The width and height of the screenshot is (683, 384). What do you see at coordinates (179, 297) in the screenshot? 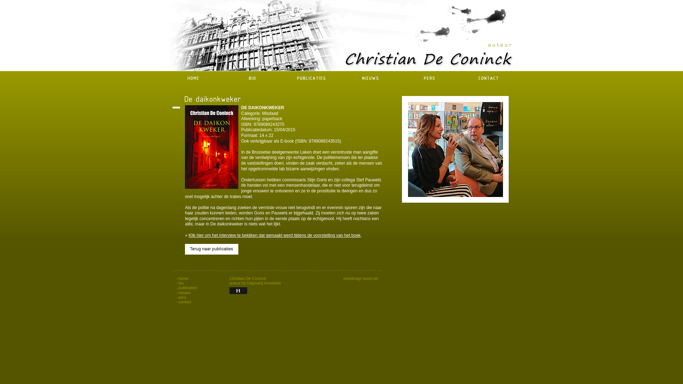
I see `'pers'` at bounding box center [179, 297].